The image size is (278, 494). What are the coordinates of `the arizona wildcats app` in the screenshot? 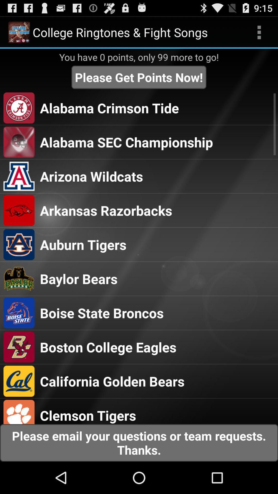 It's located at (91, 176).